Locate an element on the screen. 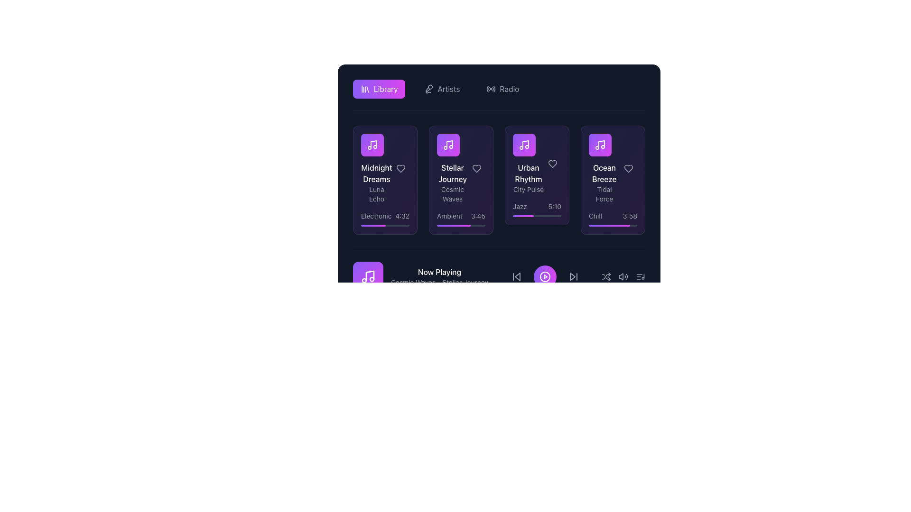  the interactive button with a speaker icon that changes color upon hover, located in the bottom-right corner of the toolbar is located at coordinates (623, 276).